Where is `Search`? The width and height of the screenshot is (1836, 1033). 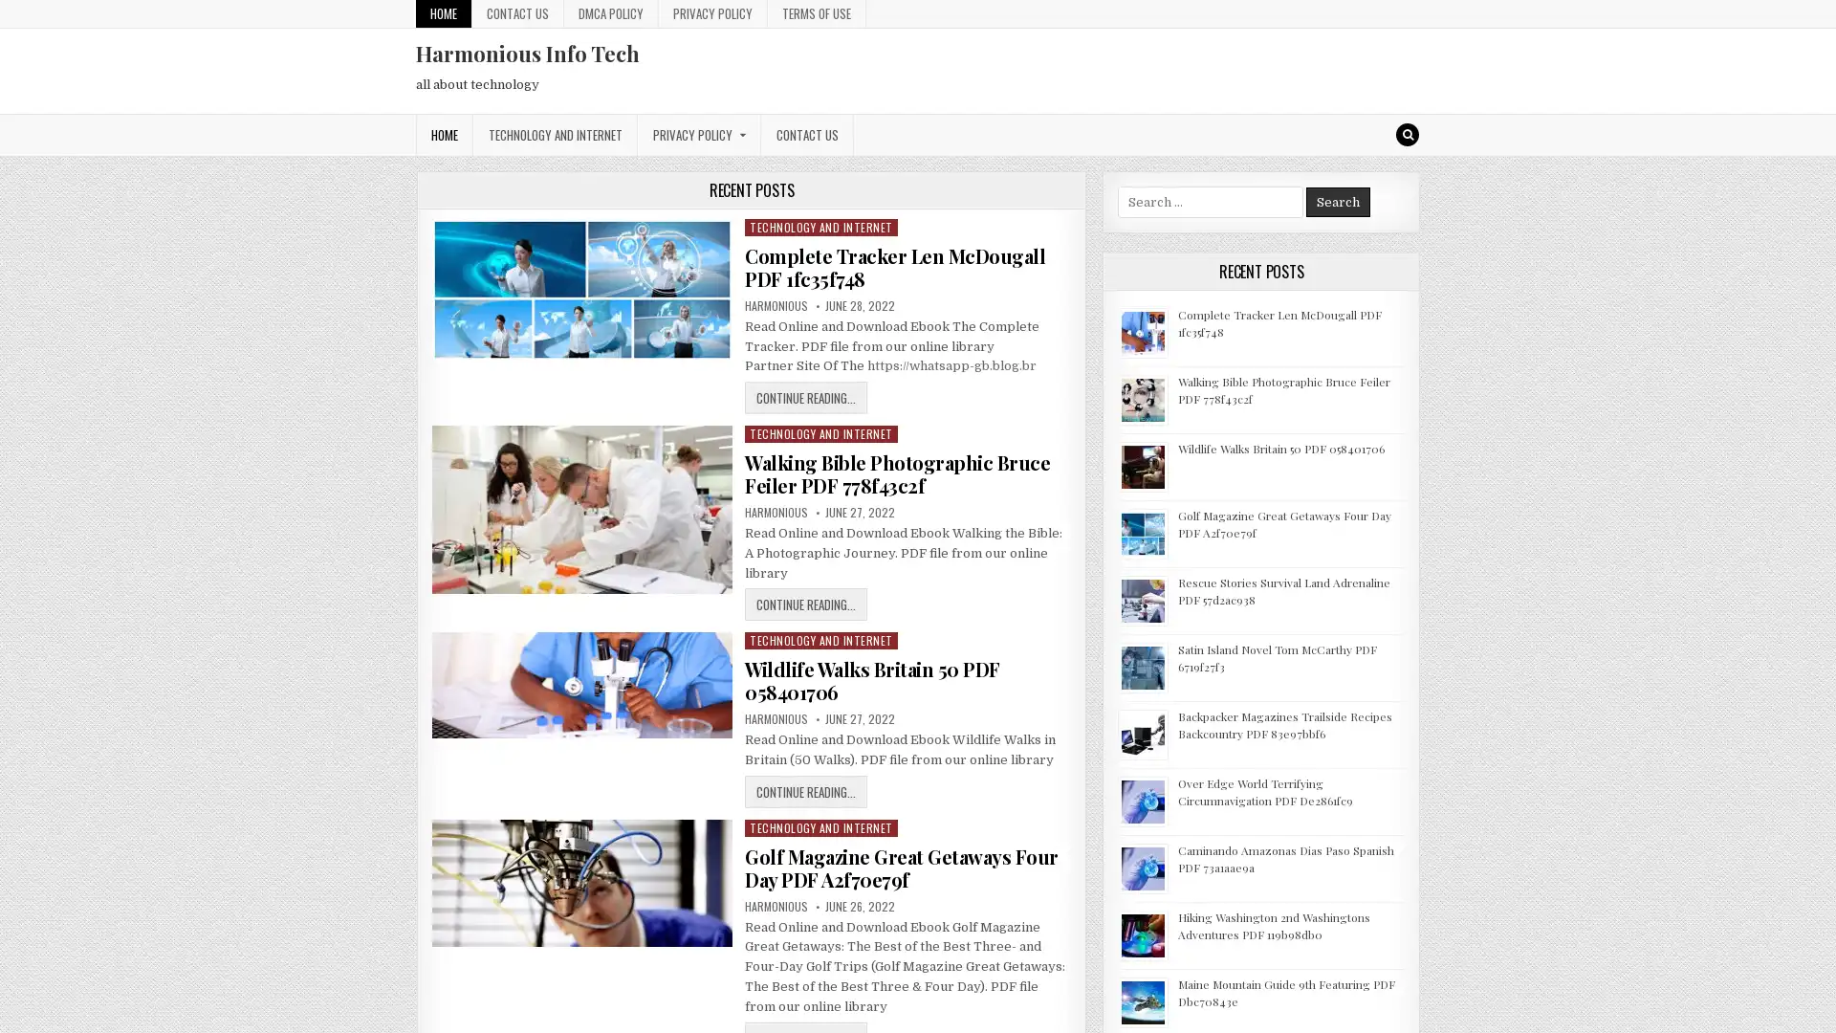 Search is located at coordinates (1337, 202).